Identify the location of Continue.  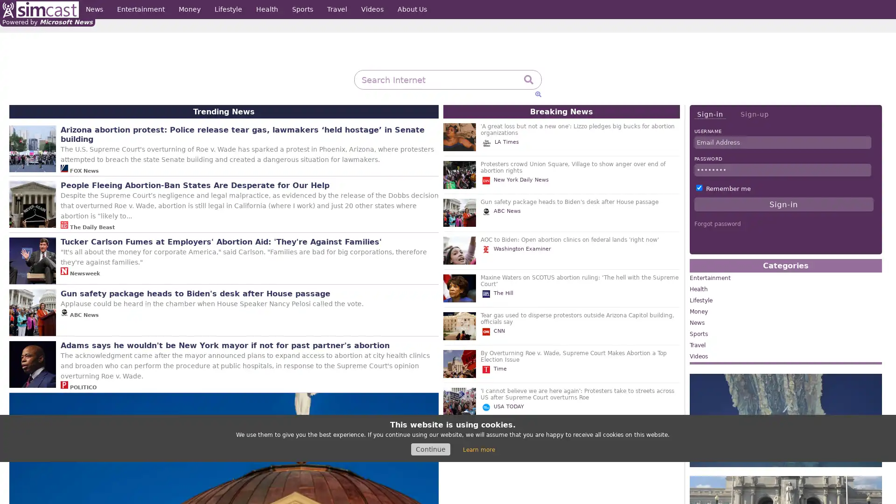
(430, 449).